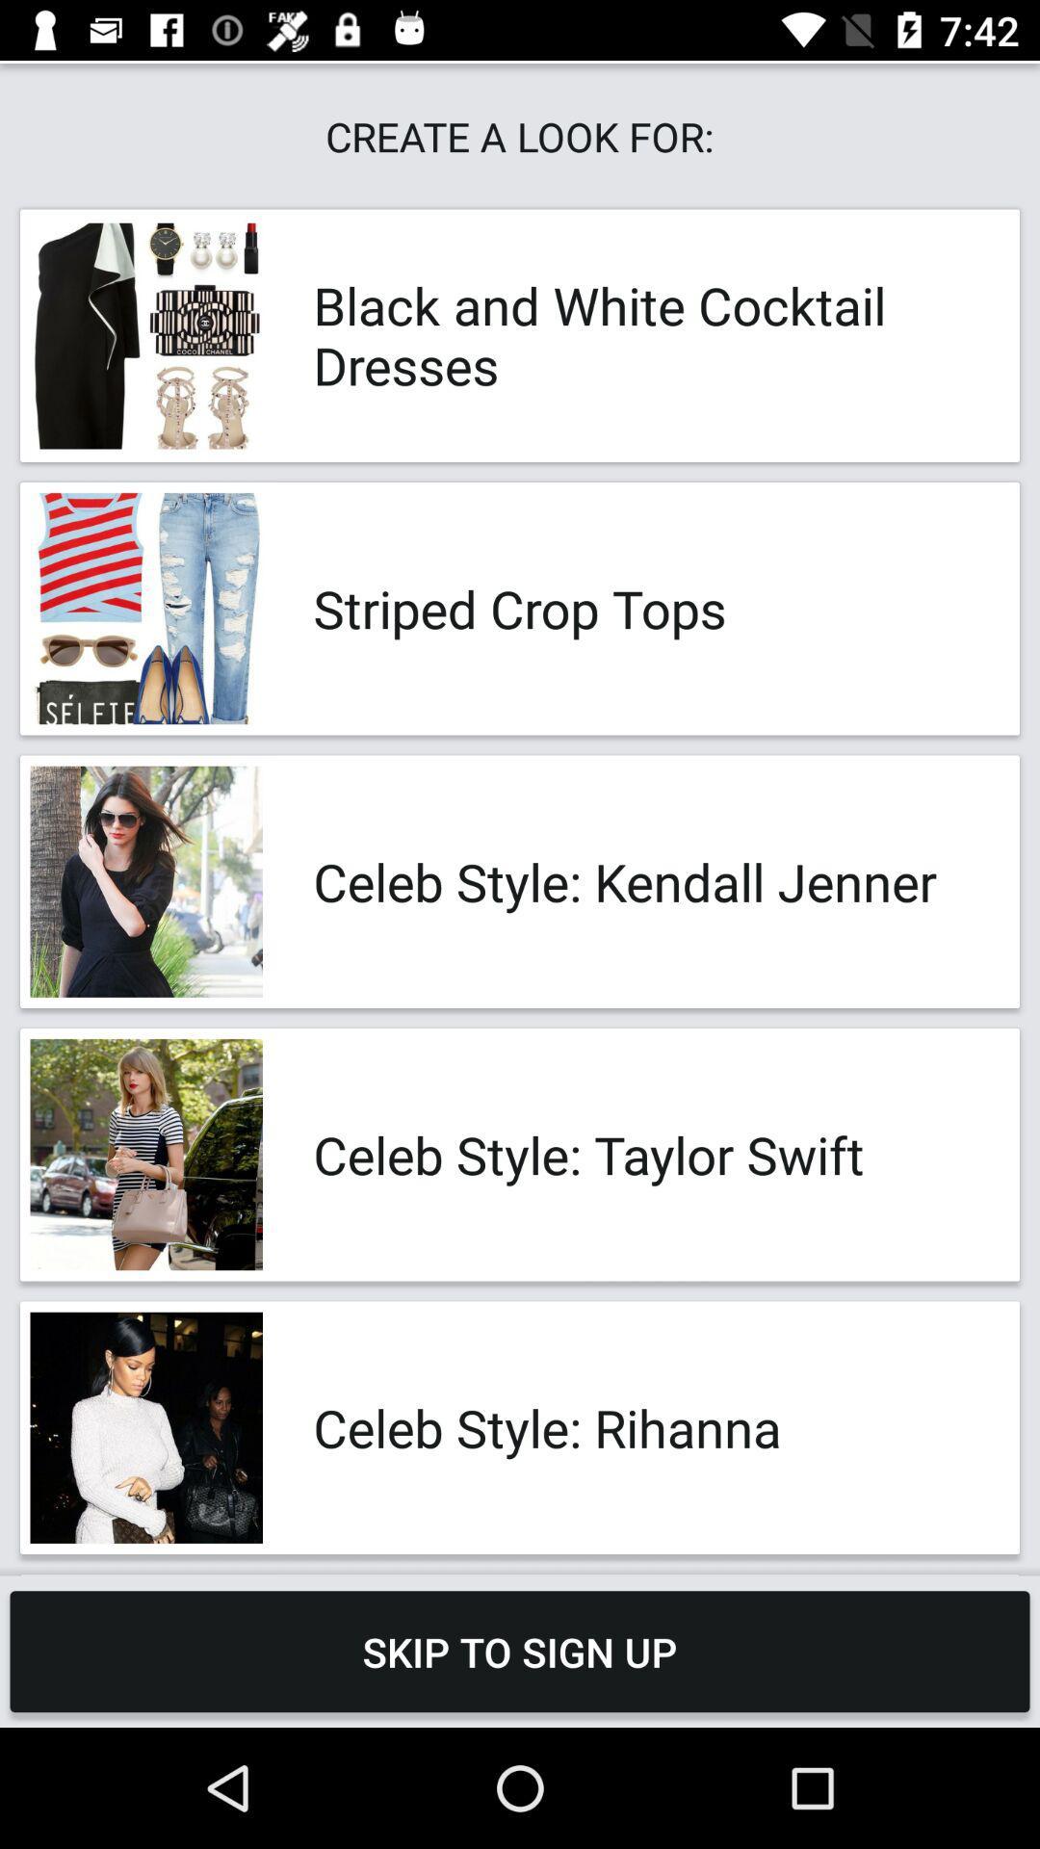 This screenshot has width=1040, height=1849. I want to click on the skip to sign item, so click(520, 1651).